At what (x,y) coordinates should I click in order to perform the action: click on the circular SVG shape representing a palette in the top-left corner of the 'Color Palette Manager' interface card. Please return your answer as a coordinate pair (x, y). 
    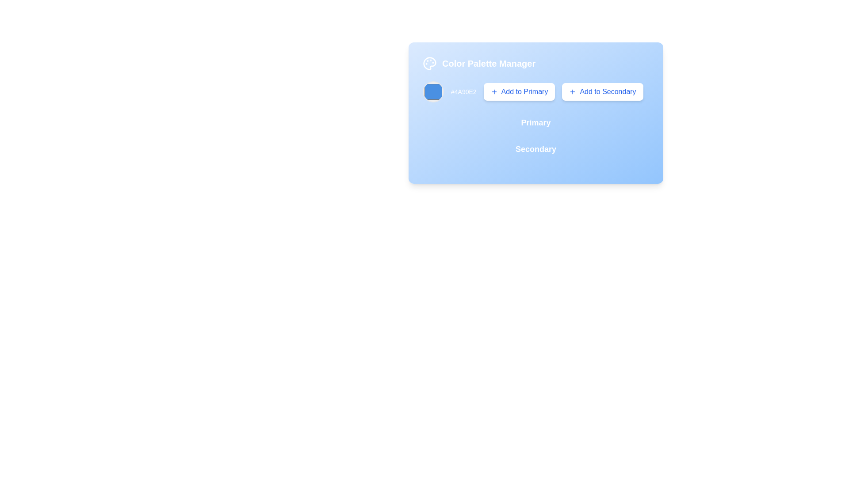
    Looking at the image, I should click on (429, 63).